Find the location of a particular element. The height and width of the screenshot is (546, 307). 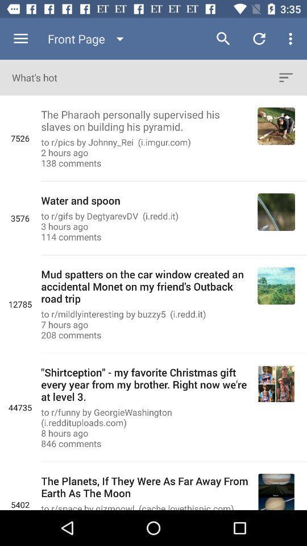

the front page icon is located at coordinates (88, 39).